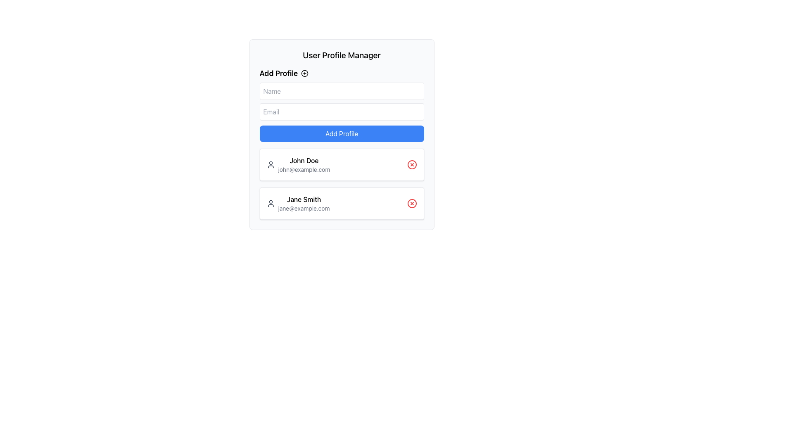  What do you see at coordinates (412, 164) in the screenshot?
I see `the delete button located to the right of 'John Doe' profile entry` at bounding box center [412, 164].